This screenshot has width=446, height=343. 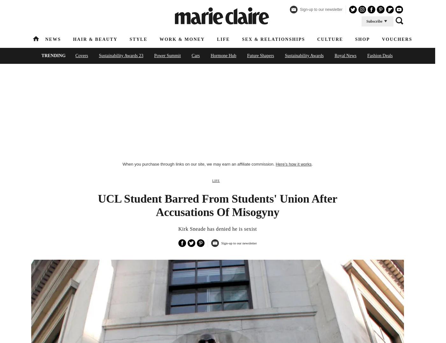 I want to click on 'View', so click(x=256, y=111).